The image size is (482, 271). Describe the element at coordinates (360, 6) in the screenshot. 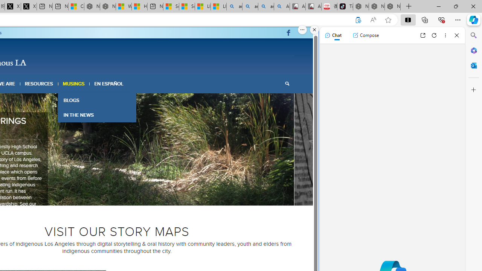

I see `'Nordace - Best Sellers'` at that location.